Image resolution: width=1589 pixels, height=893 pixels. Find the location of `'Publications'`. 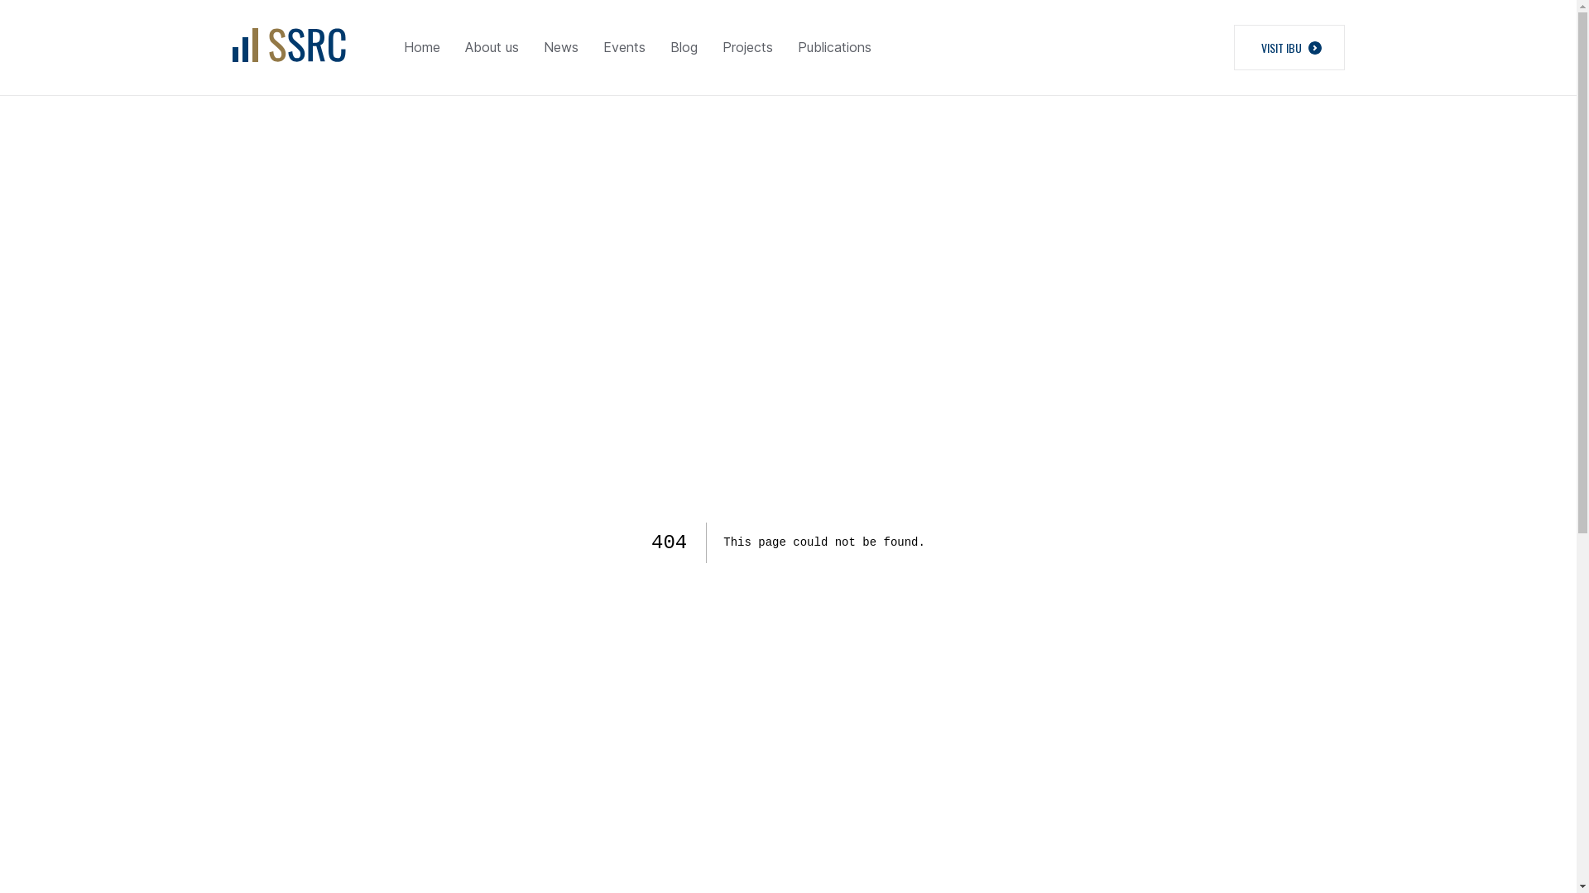

'Publications' is located at coordinates (834, 46).